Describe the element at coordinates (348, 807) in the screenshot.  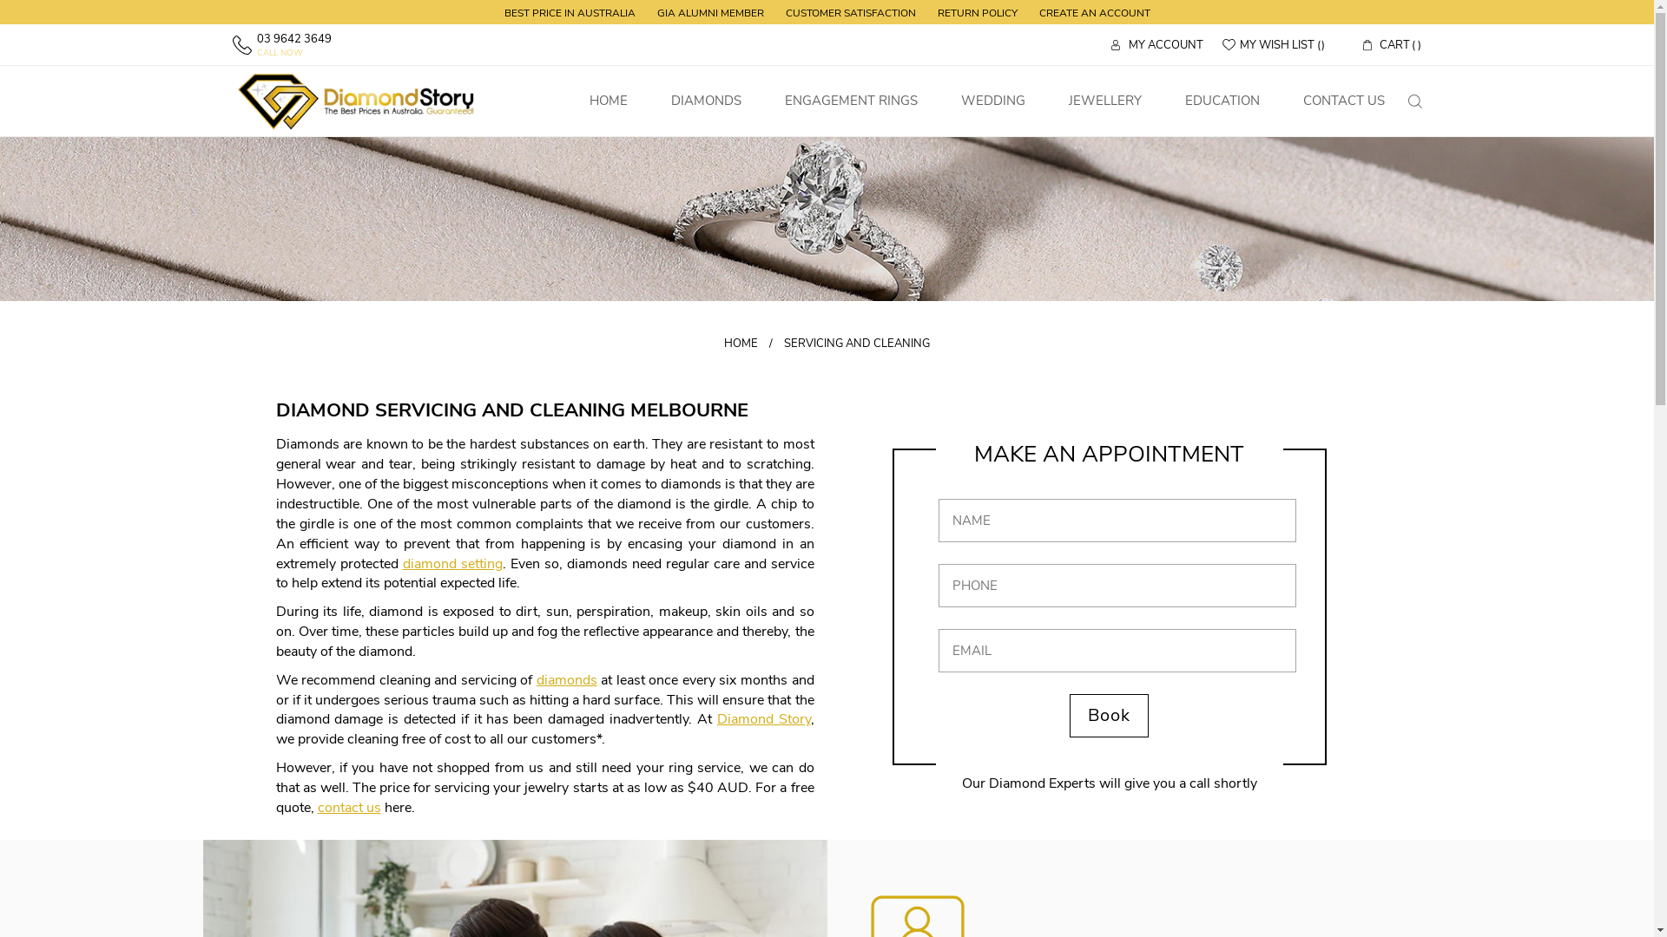
I see `'contact us'` at that location.